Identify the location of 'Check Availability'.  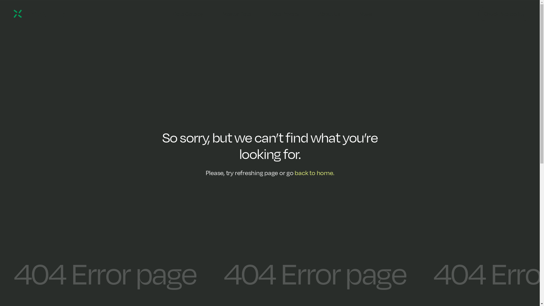
(478, 14).